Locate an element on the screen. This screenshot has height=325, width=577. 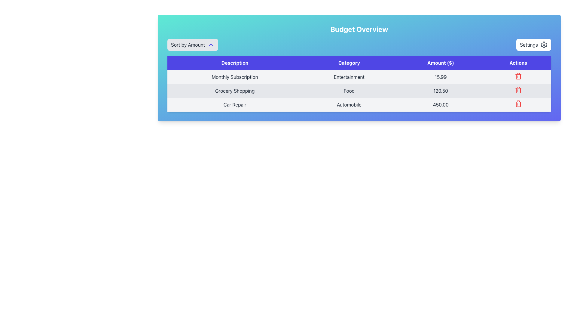
the text label displaying 'Monthly Subscription' located in the 'Description' column of the data table is located at coordinates (234, 76).